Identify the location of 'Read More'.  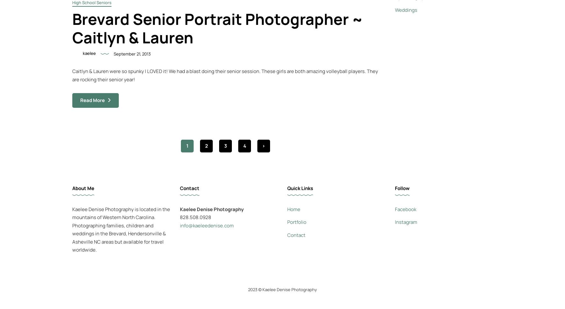
(92, 100).